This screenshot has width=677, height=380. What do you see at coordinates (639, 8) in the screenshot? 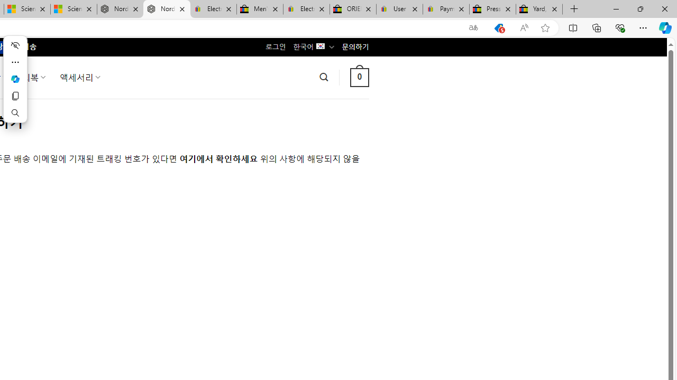
I see `'Restore'` at bounding box center [639, 8].